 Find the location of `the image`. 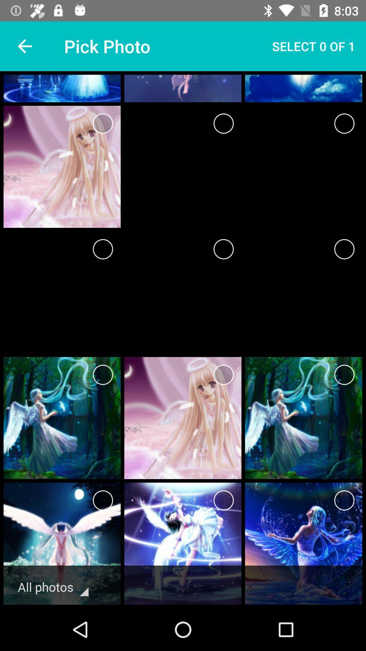

the image is located at coordinates (103, 500).